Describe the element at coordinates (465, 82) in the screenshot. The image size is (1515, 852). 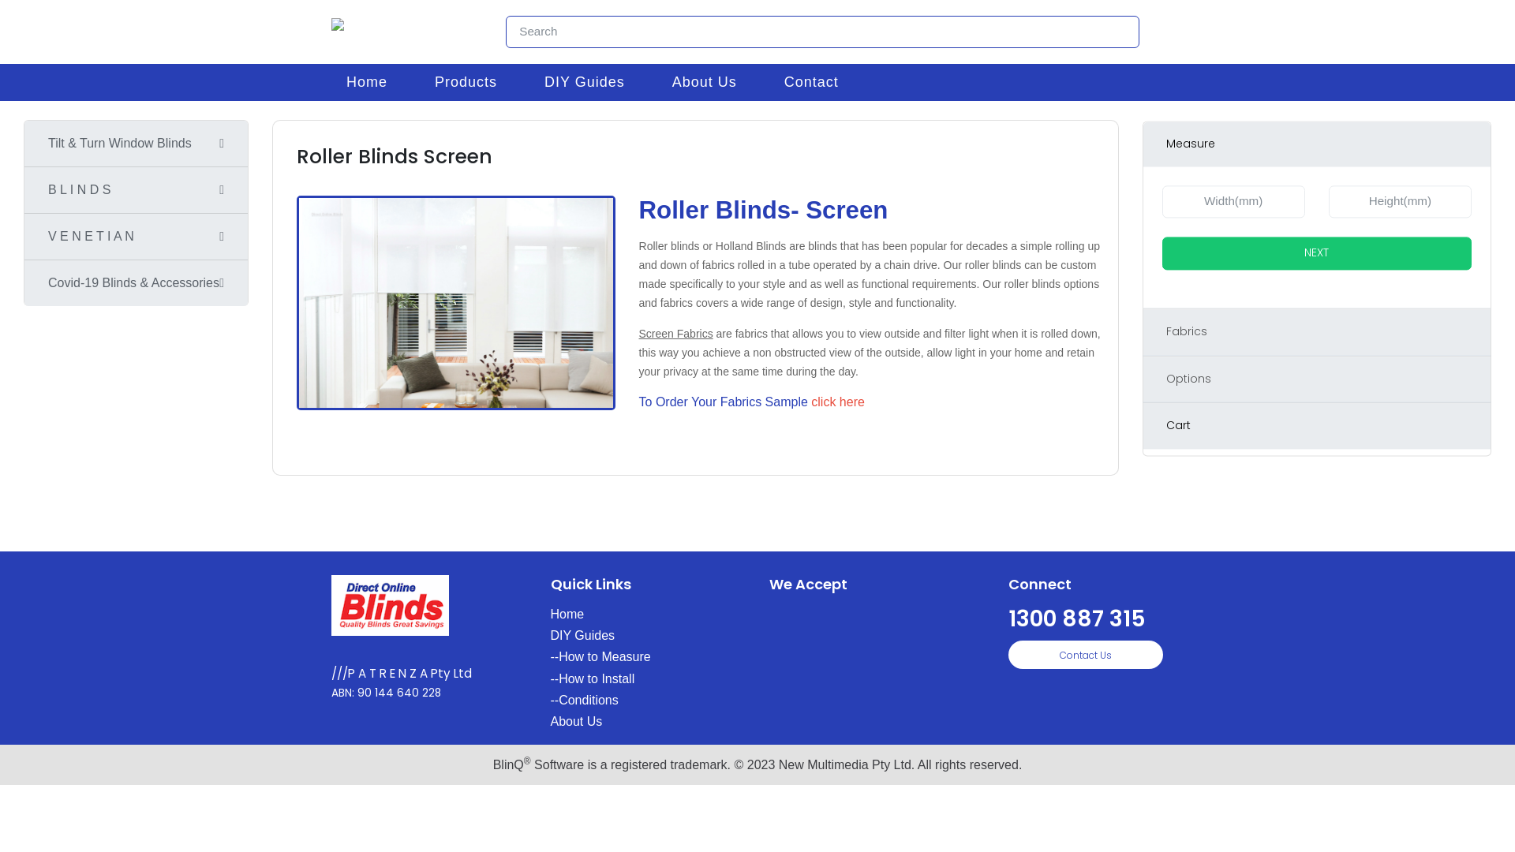
I see `'Products'` at that location.